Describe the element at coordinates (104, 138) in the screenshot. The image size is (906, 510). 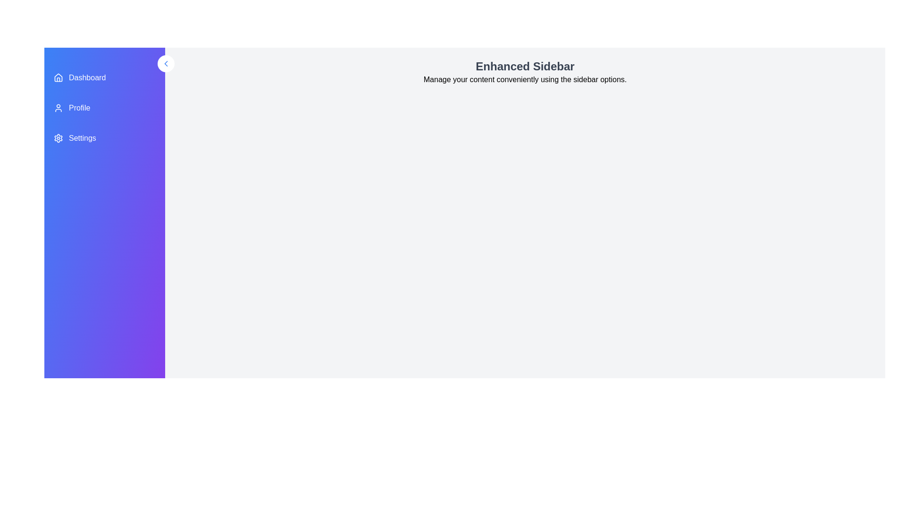
I see `the menu item labeled Settings` at that location.